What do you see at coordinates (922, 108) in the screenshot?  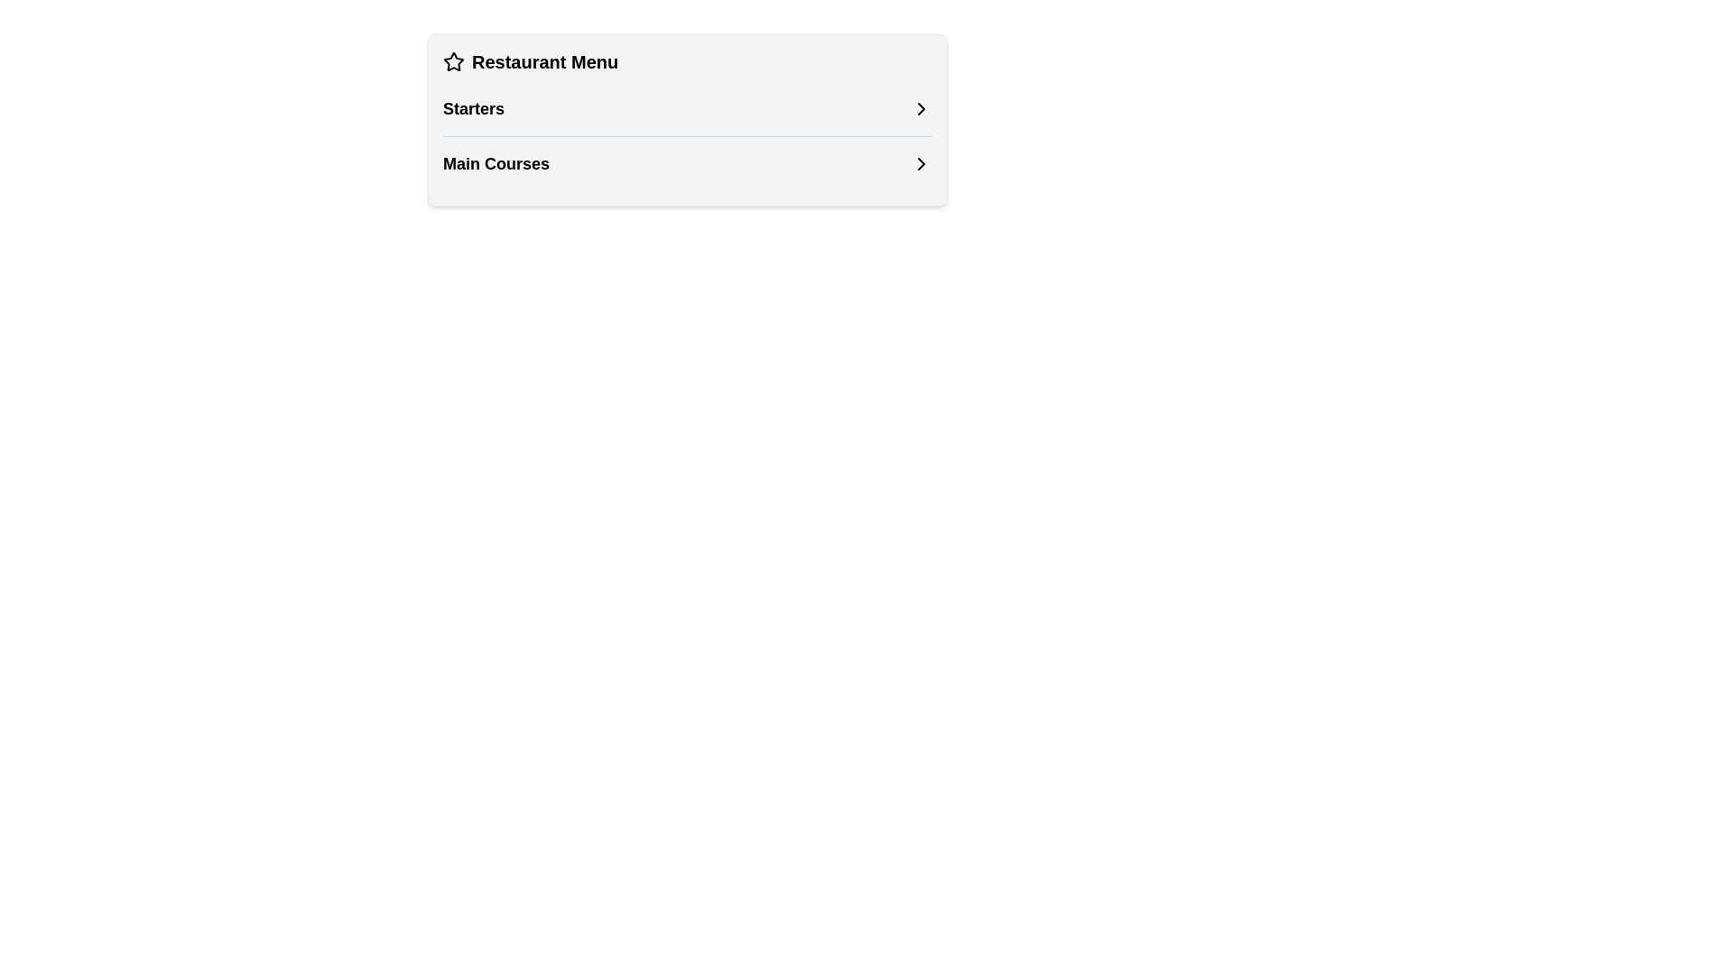 I see `the Icon button located at the far right side of the 'Starters' section in the 'Restaurant Menu' box` at bounding box center [922, 108].